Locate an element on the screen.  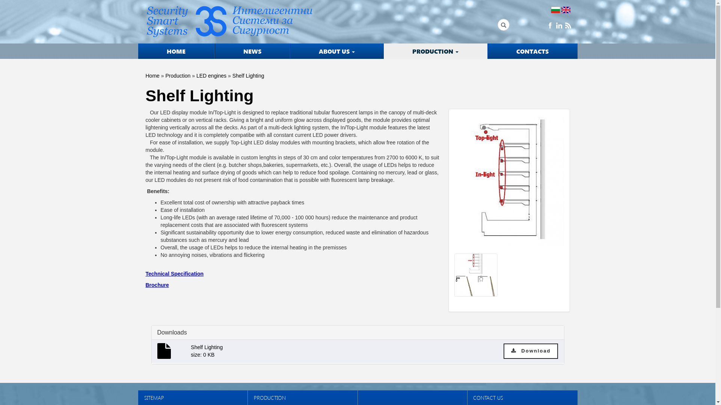
'Technical Specification' is located at coordinates (174, 273).